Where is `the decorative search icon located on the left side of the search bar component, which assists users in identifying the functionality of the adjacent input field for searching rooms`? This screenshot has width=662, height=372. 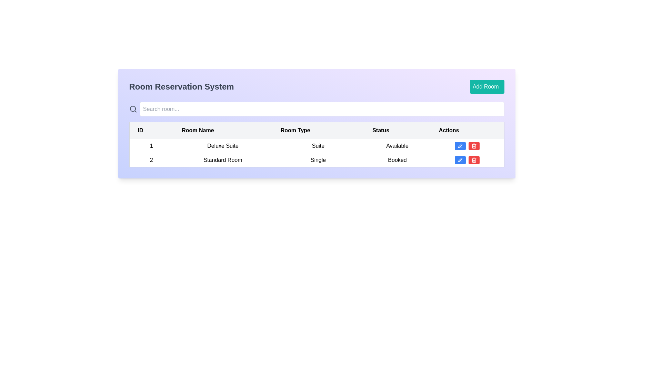
the decorative search icon located on the left side of the search bar component, which assists users in identifying the functionality of the adjacent input field for searching rooms is located at coordinates (133, 108).